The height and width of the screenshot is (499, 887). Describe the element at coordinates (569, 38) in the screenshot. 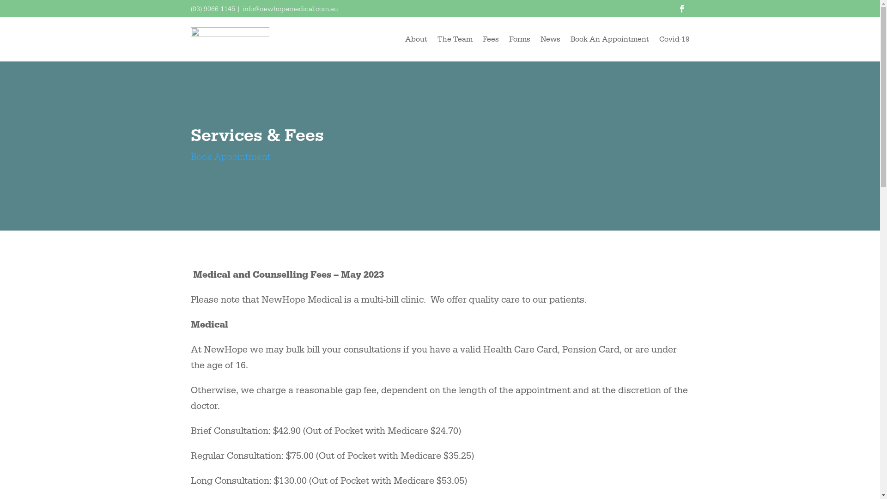

I see `'Book An Appointment'` at that location.